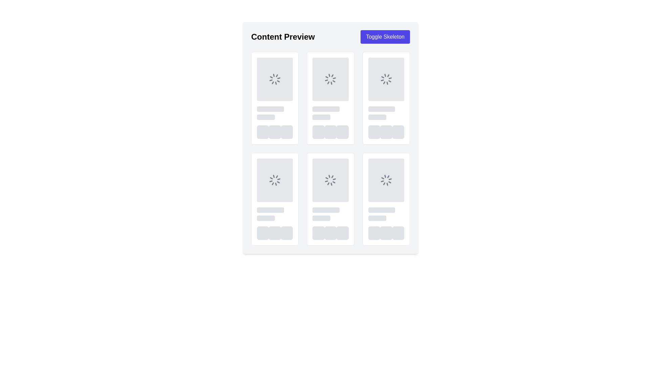 This screenshot has height=366, width=650. Describe the element at coordinates (287, 232) in the screenshot. I see `the animation of the third loading indicator button with a rounded border and light gray color, located at the bottom of the sixth card in the grid layout` at that location.